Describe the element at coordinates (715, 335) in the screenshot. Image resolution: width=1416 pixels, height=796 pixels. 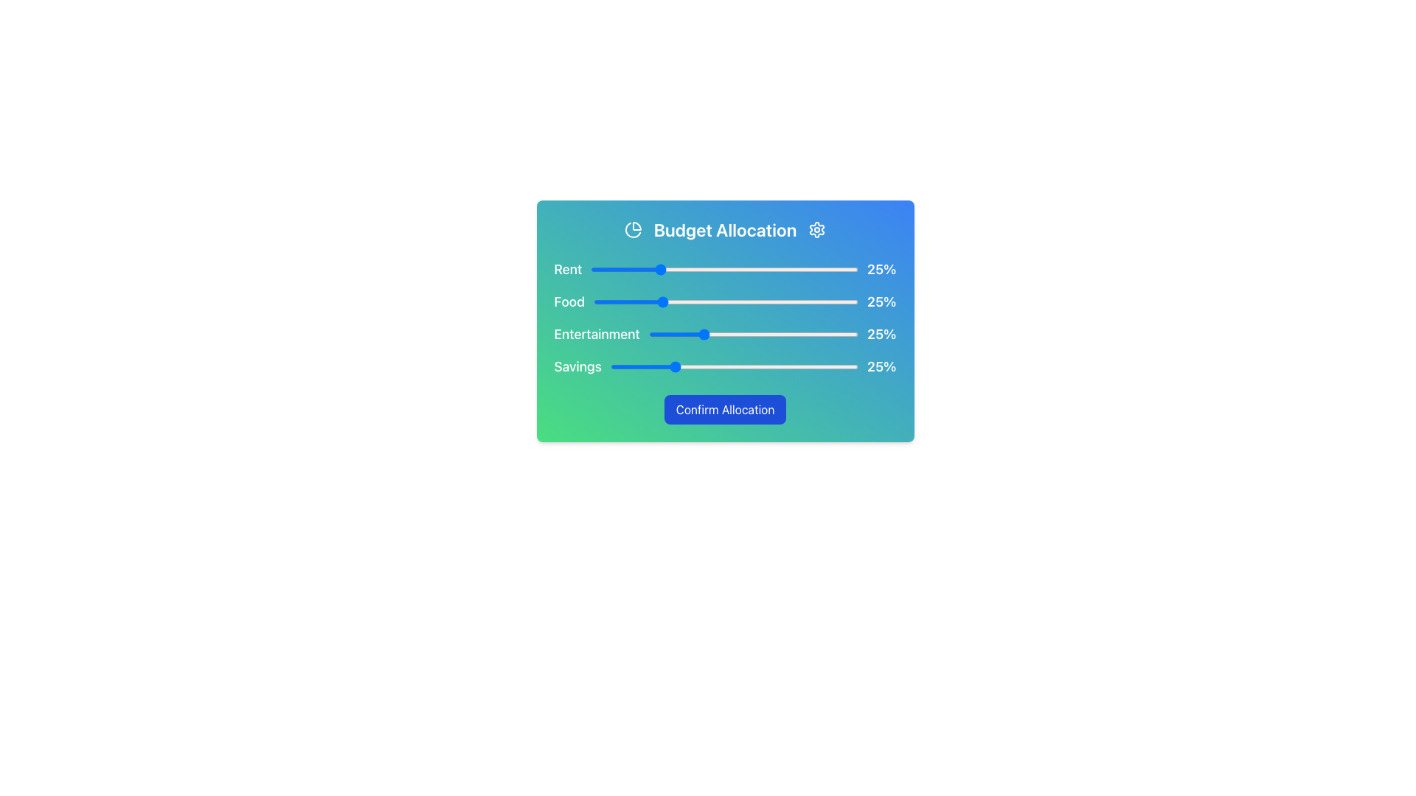
I see `the Entertainment allocation` at that location.